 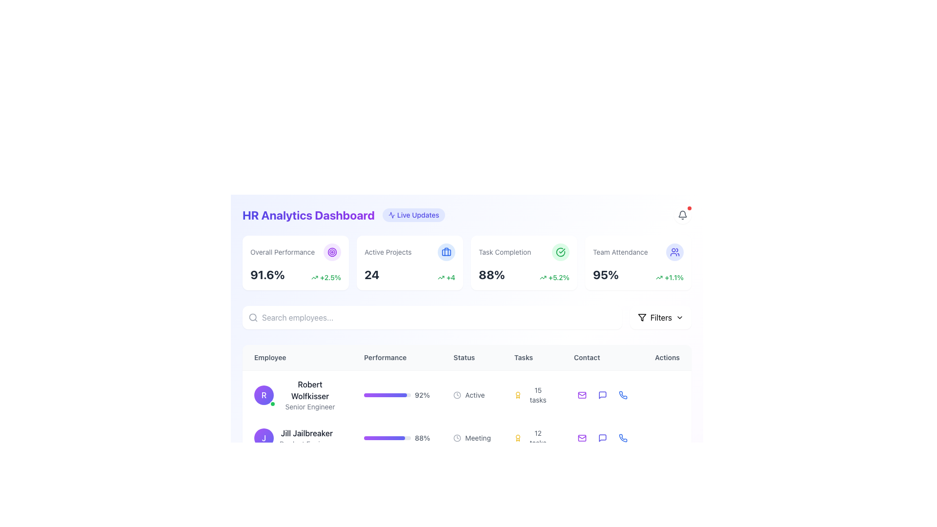 I want to click on the bell icon element, which represents notifications and is visually styled with a smooth, rounded design in gray, located at the upper right corner of the interface, so click(x=682, y=213).